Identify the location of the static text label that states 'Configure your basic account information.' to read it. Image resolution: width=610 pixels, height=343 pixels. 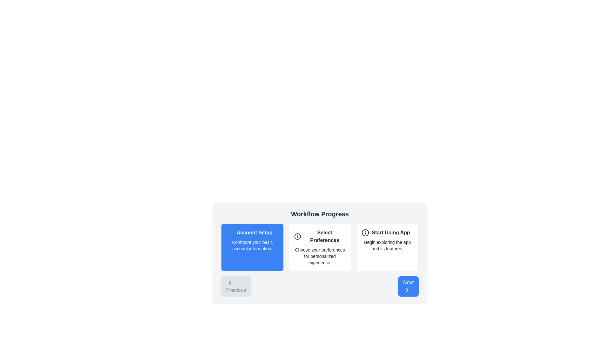
(252, 245).